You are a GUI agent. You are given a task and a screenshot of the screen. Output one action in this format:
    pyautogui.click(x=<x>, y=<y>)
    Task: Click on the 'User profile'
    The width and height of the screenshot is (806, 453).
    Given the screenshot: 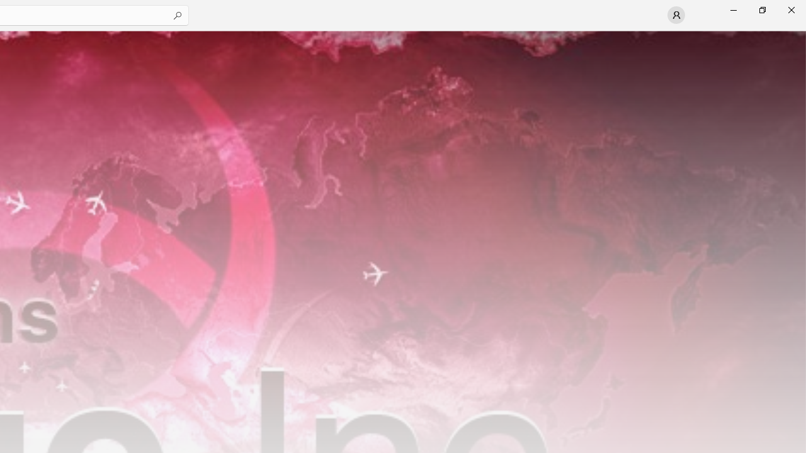 What is the action you would take?
    pyautogui.click(x=675, y=15)
    